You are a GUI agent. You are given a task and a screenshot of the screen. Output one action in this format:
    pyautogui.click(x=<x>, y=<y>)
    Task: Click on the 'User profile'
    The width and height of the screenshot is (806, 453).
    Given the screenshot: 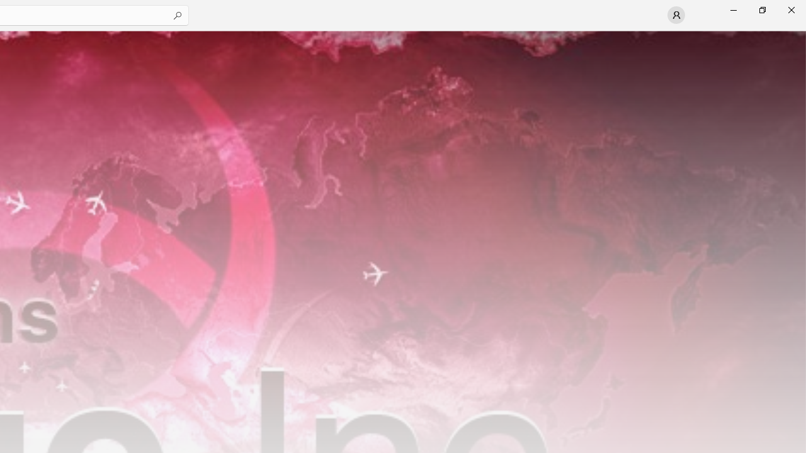 What is the action you would take?
    pyautogui.click(x=675, y=15)
    